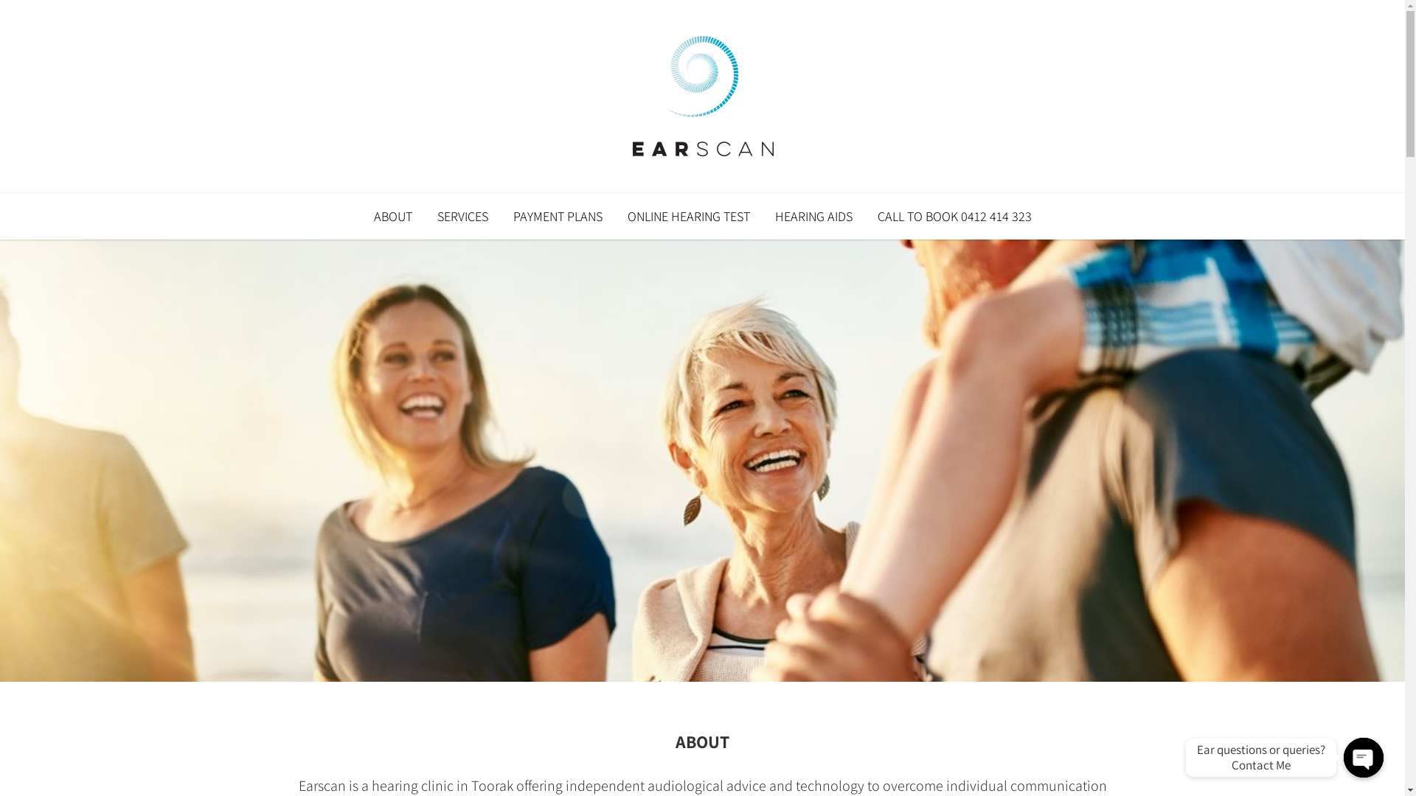 This screenshot has height=796, width=1416. I want to click on 'CALL TO BOOK 0412 414 323', so click(866, 216).